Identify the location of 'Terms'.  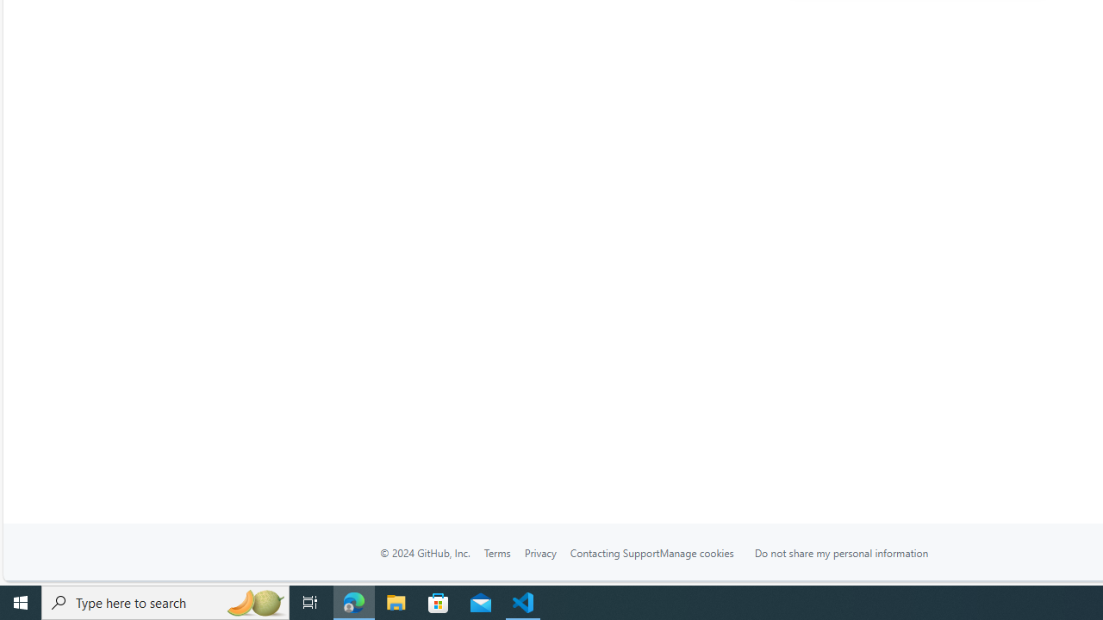
(495, 552).